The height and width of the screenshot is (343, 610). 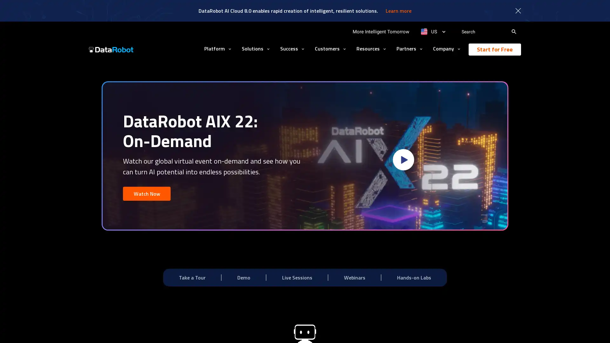 I want to click on Accept Cookies, so click(x=450, y=329).